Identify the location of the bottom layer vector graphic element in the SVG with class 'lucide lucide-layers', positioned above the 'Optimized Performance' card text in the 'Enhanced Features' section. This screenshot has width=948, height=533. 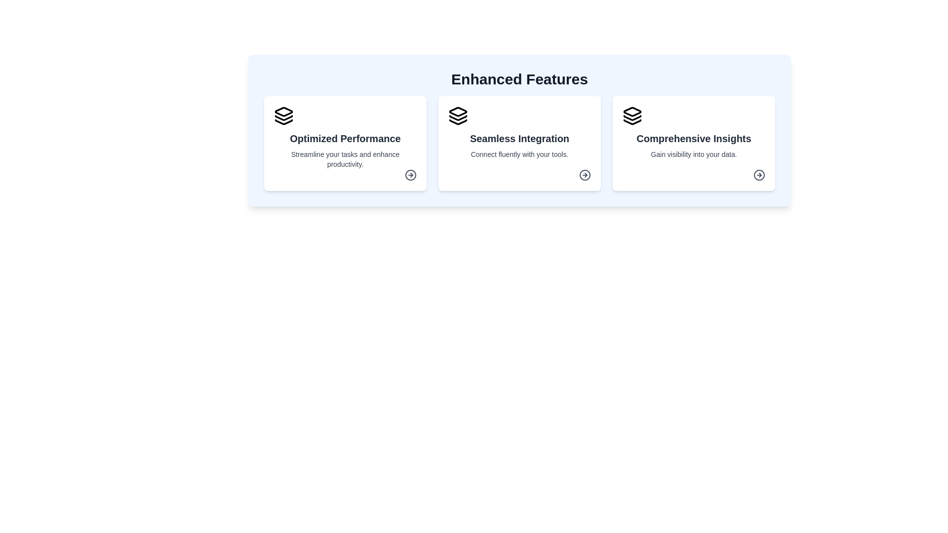
(283, 121).